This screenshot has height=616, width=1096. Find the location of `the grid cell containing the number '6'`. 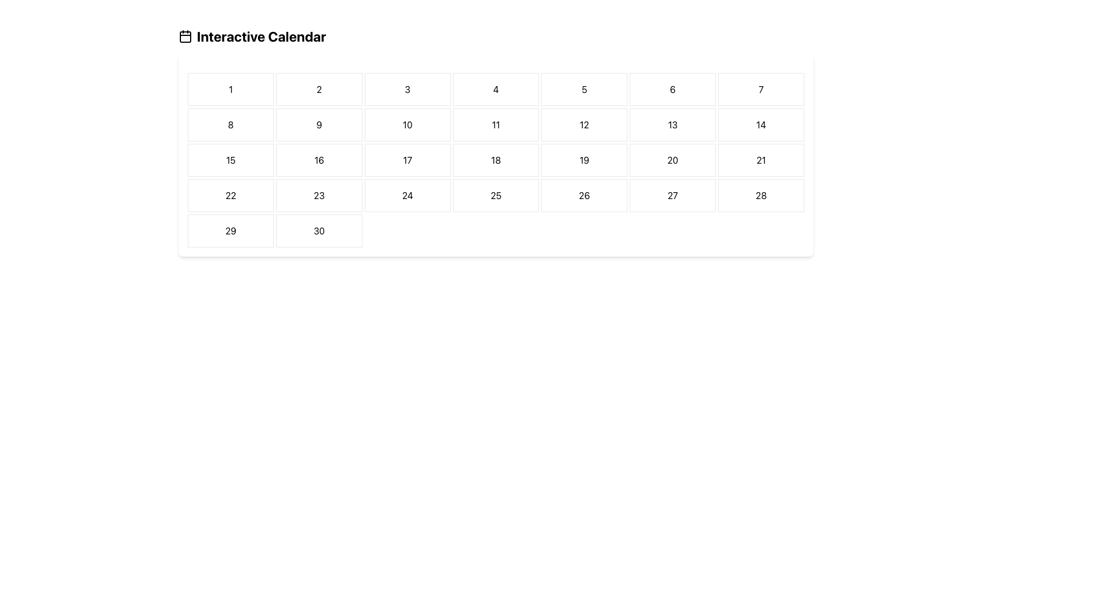

the grid cell containing the number '6' is located at coordinates (672, 89).